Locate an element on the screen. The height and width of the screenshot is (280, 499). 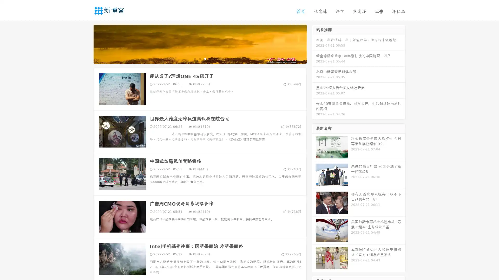
Go to slide 2 is located at coordinates (200, 58).